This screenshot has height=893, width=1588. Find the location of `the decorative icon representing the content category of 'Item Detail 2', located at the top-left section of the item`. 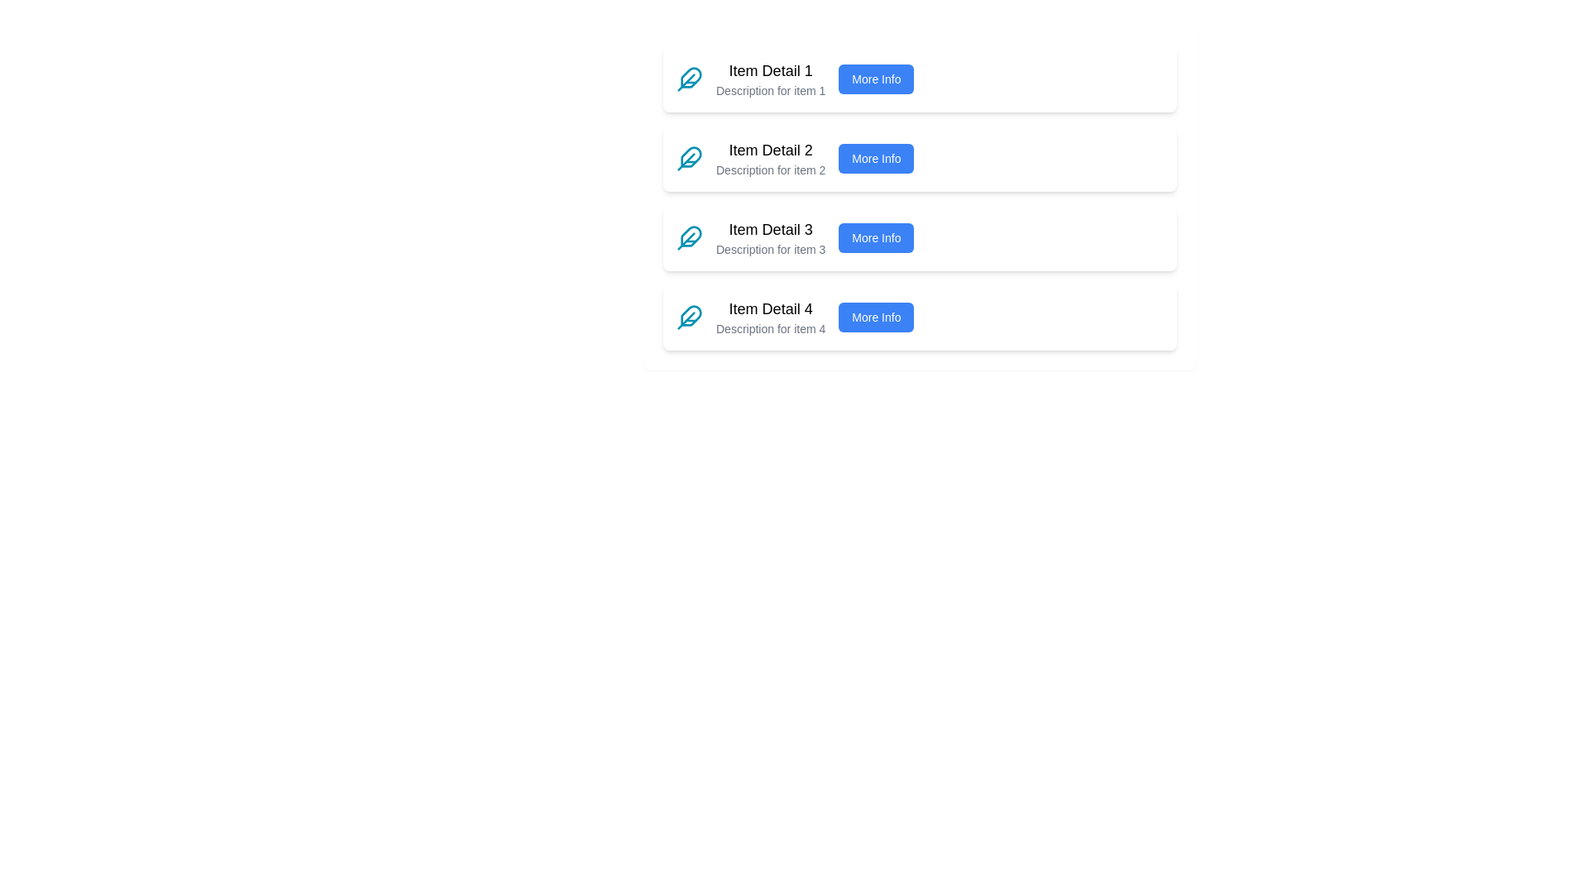

the decorative icon representing the content category of 'Item Detail 2', located at the top-left section of the item is located at coordinates (691, 156).